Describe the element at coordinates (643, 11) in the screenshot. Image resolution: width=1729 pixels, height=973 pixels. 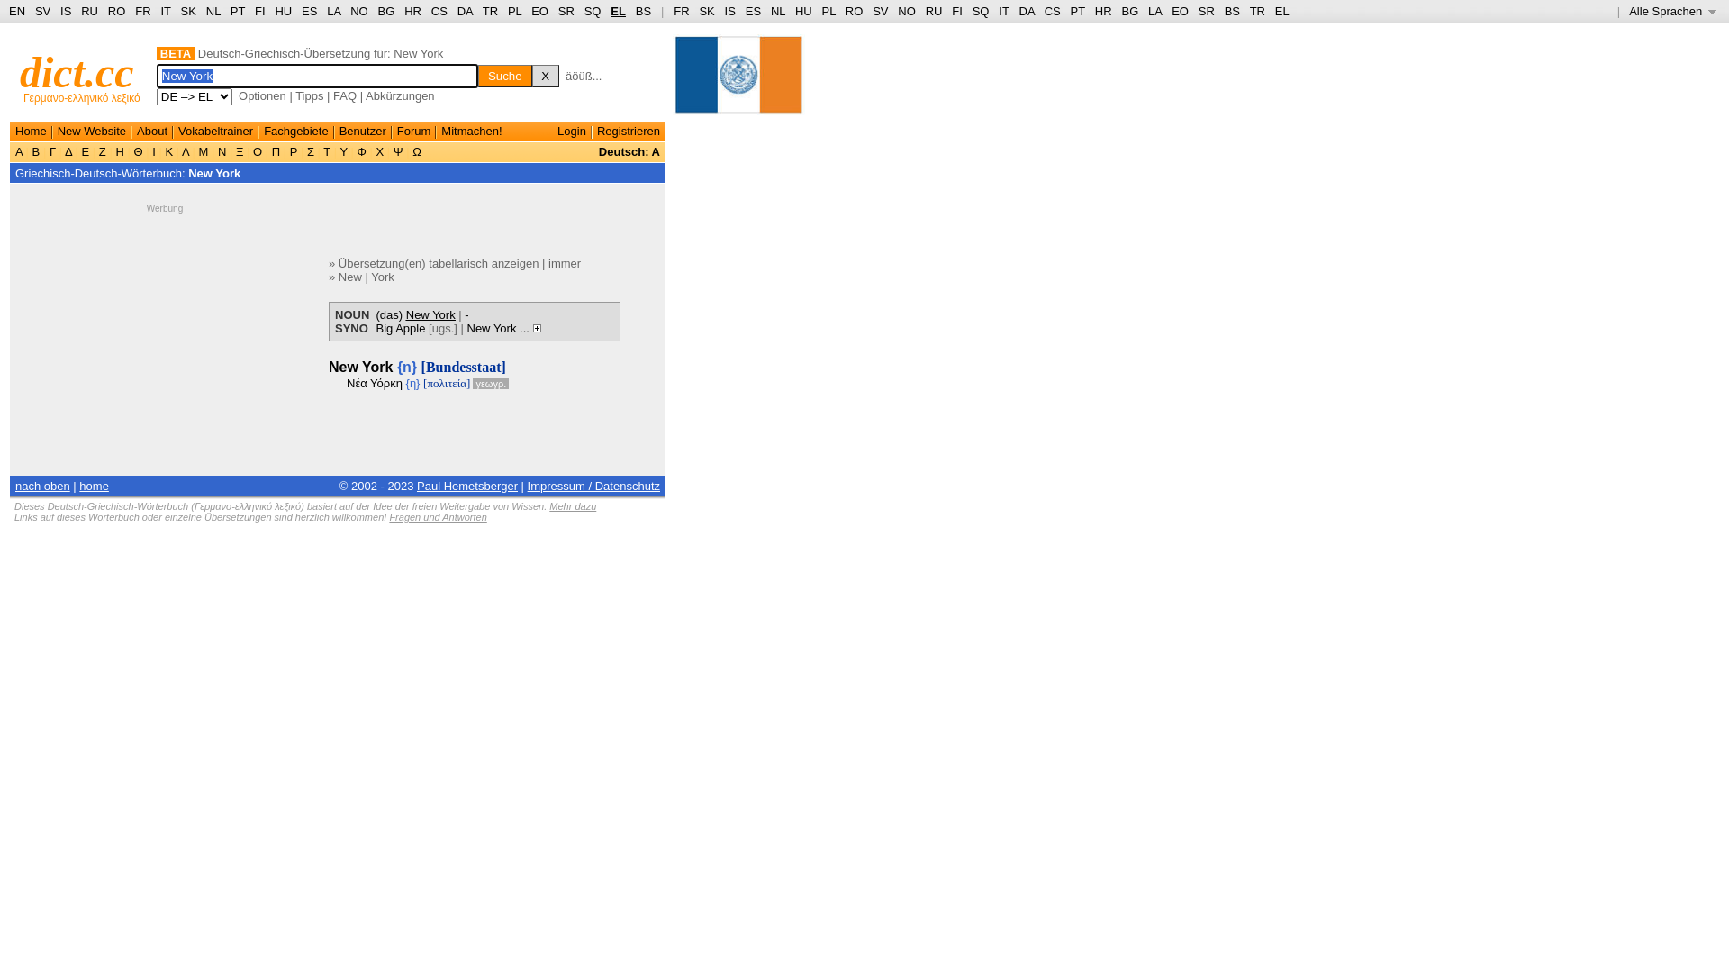
I see `'BS'` at that location.